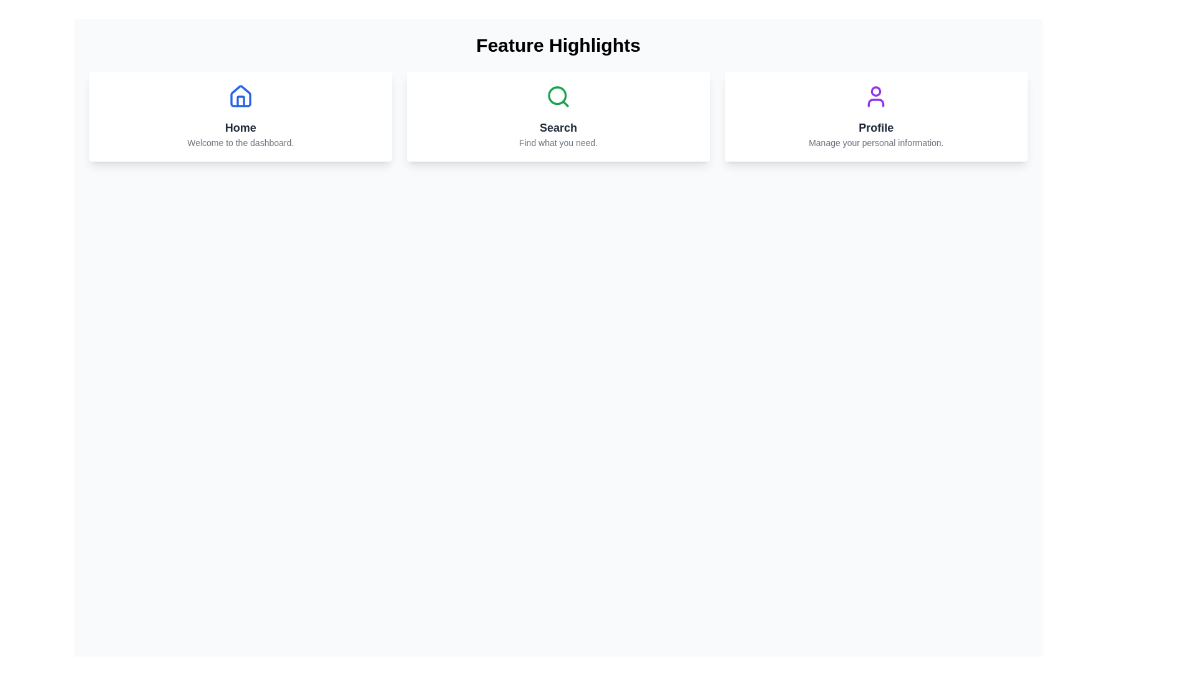 Image resolution: width=1198 pixels, height=674 pixels. I want to click on the search icon located in the center card of the group labeled 'Search', which is positioned below the heading 'Feature Highlights', so click(557, 95).